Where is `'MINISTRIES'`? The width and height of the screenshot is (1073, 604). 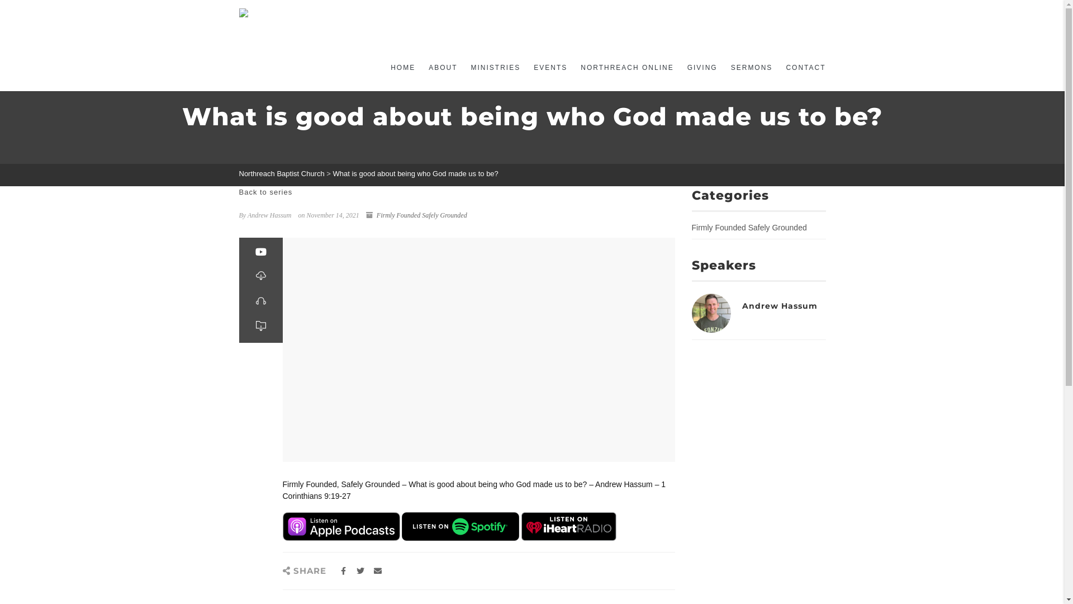 'MINISTRIES' is located at coordinates (495, 68).